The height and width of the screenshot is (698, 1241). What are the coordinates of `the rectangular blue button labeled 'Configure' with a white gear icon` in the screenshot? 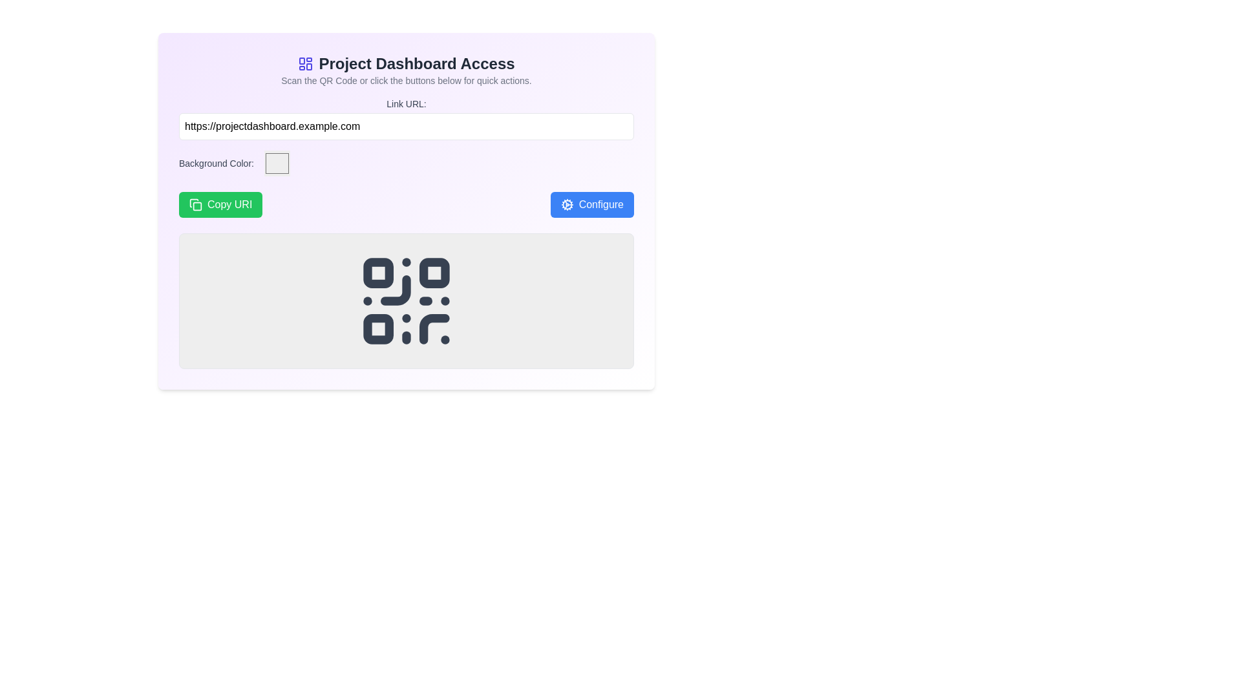 It's located at (591, 204).